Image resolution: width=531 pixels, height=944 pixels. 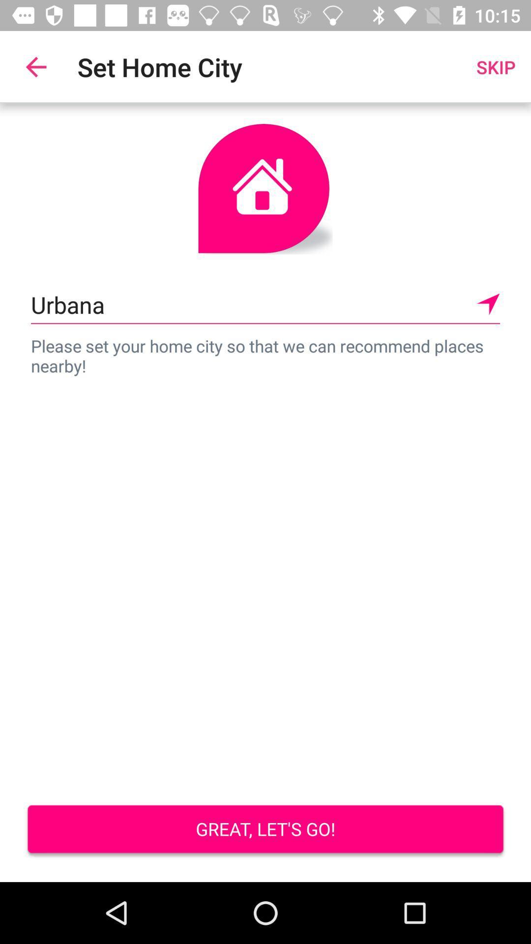 What do you see at coordinates (496, 66) in the screenshot?
I see `skip icon` at bounding box center [496, 66].